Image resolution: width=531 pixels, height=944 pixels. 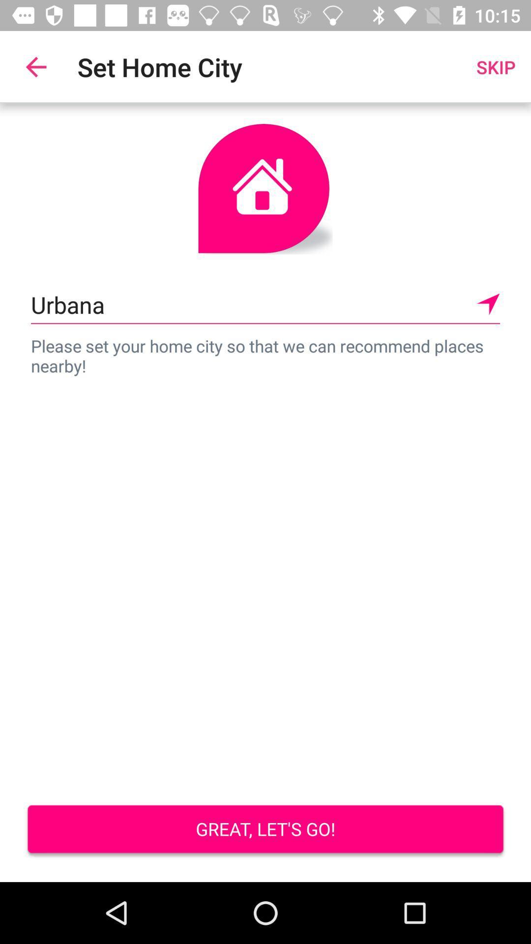 What do you see at coordinates (496, 66) in the screenshot?
I see `skip icon` at bounding box center [496, 66].